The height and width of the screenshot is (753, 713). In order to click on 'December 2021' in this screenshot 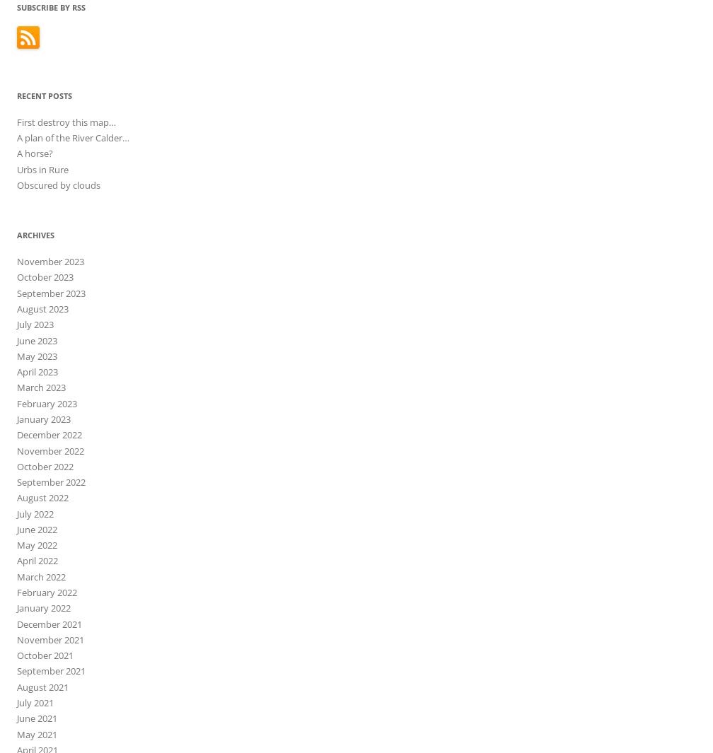, I will do `click(49, 624)`.